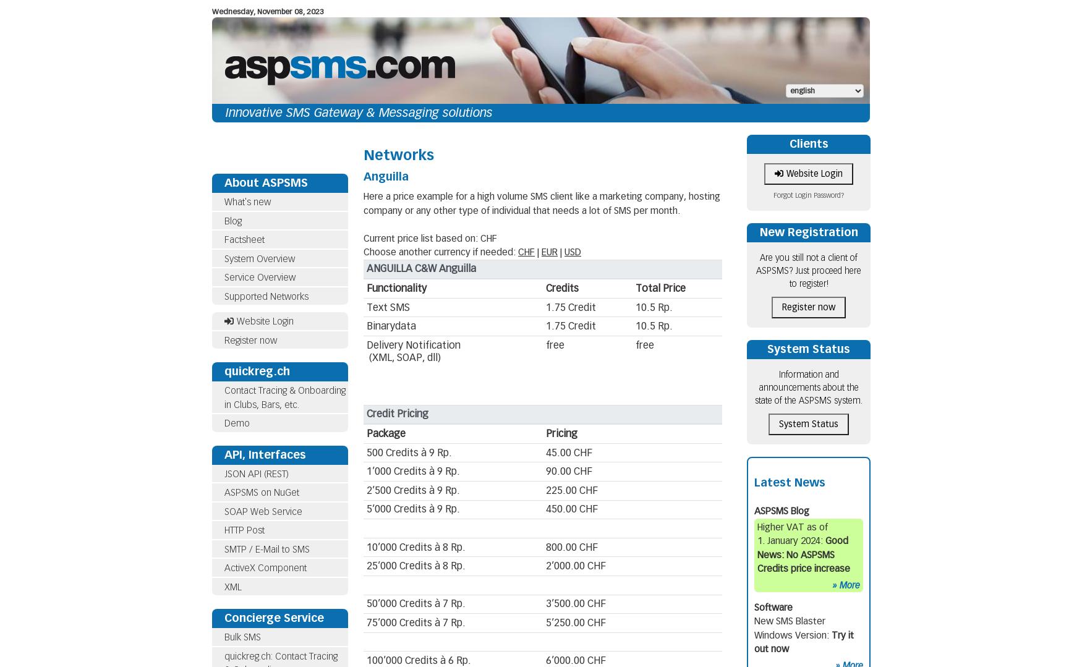 This screenshot has width=1082, height=667. What do you see at coordinates (398, 155) in the screenshot?
I see `'Networks'` at bounding box center [398, 155].